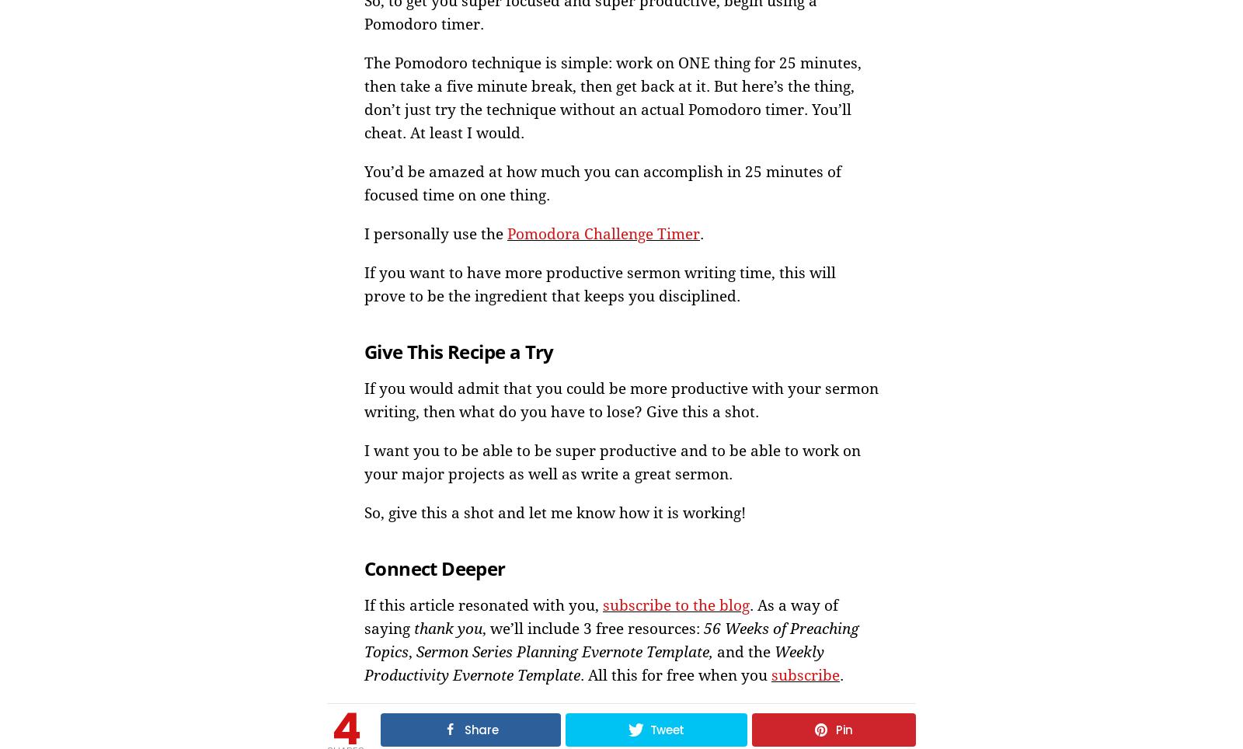  What do you see at coordinates (836, 729) in the screenshot?
I see `'Pin'` at bounding box center [836, 729].